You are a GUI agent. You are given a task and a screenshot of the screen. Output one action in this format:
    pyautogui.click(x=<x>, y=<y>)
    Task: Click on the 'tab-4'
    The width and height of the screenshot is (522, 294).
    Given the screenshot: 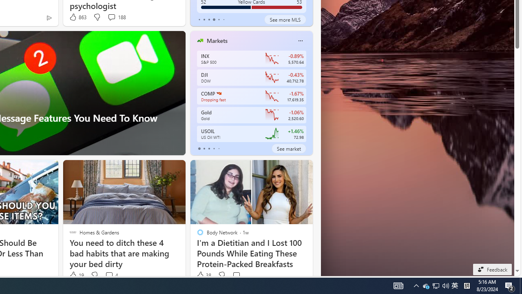 What is the action you would take?
    pyautogui.click(x=219, y=148)
    